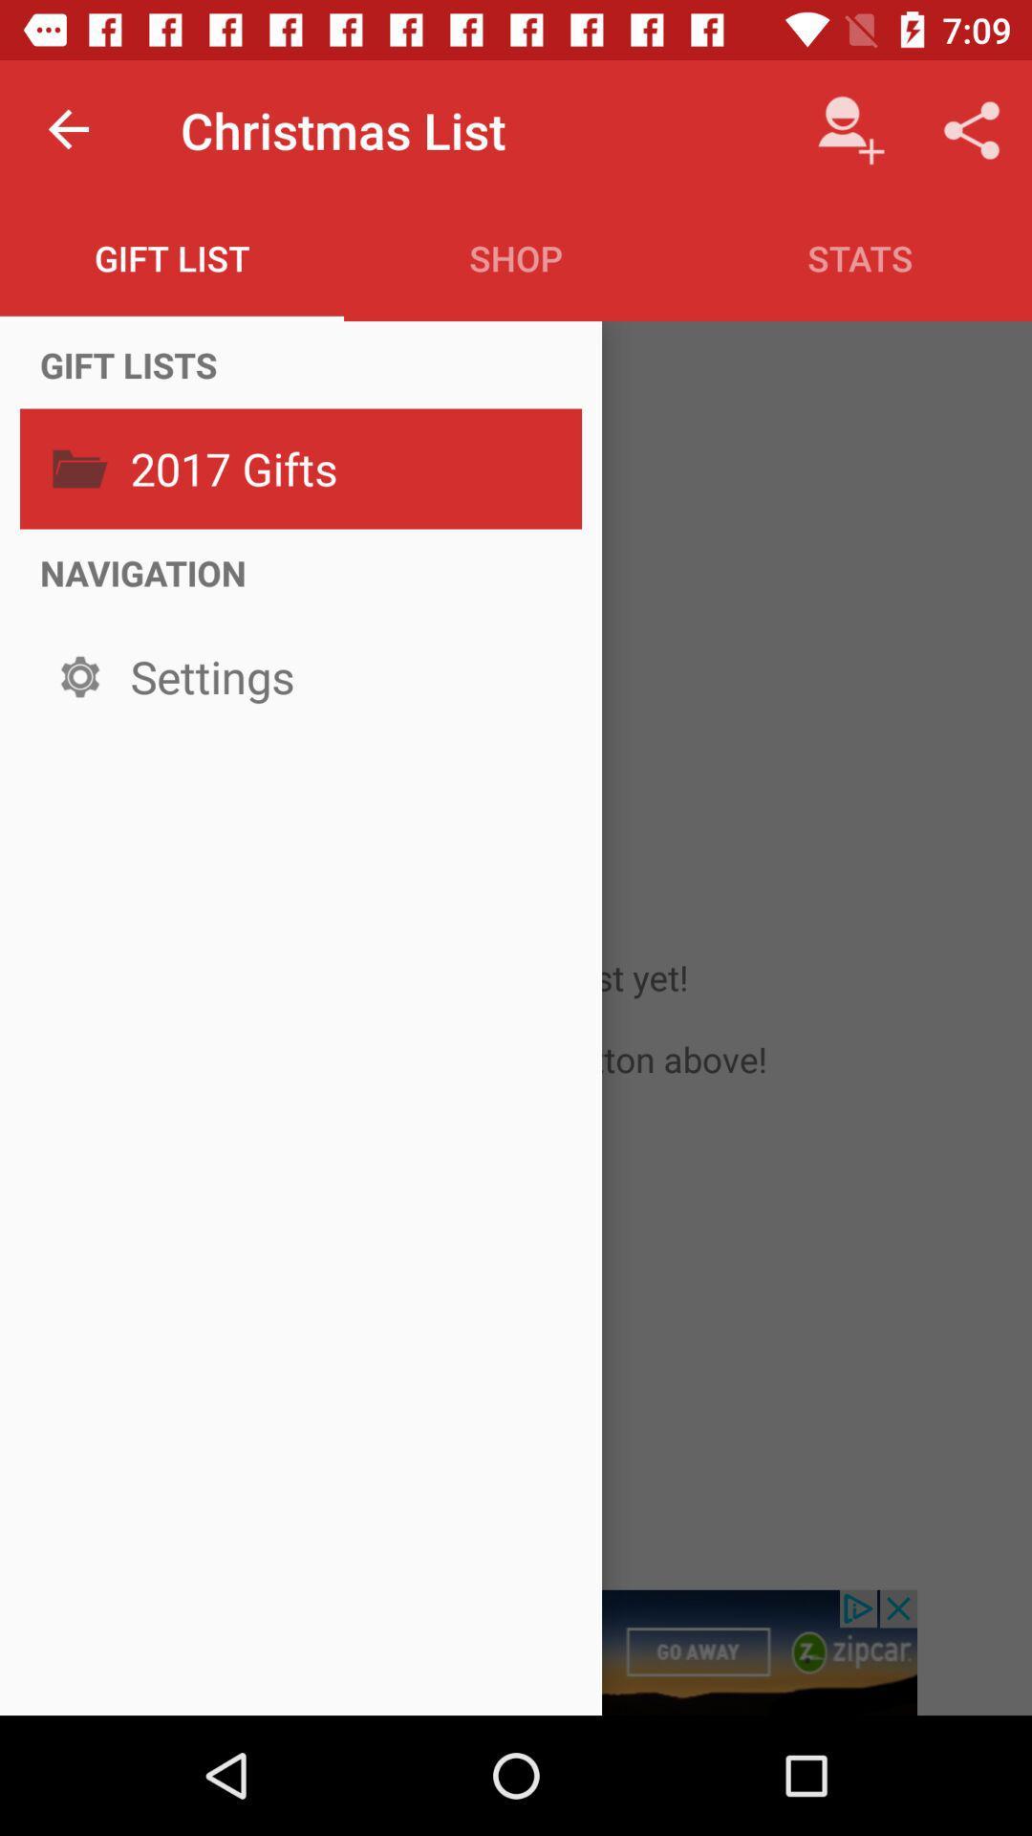 Image resolution: width=1032 pixels, height=1836 pixels. Describe the element at coordinates (172, 257) in the screenshot. I see `icon next to the shop icon` at that location.